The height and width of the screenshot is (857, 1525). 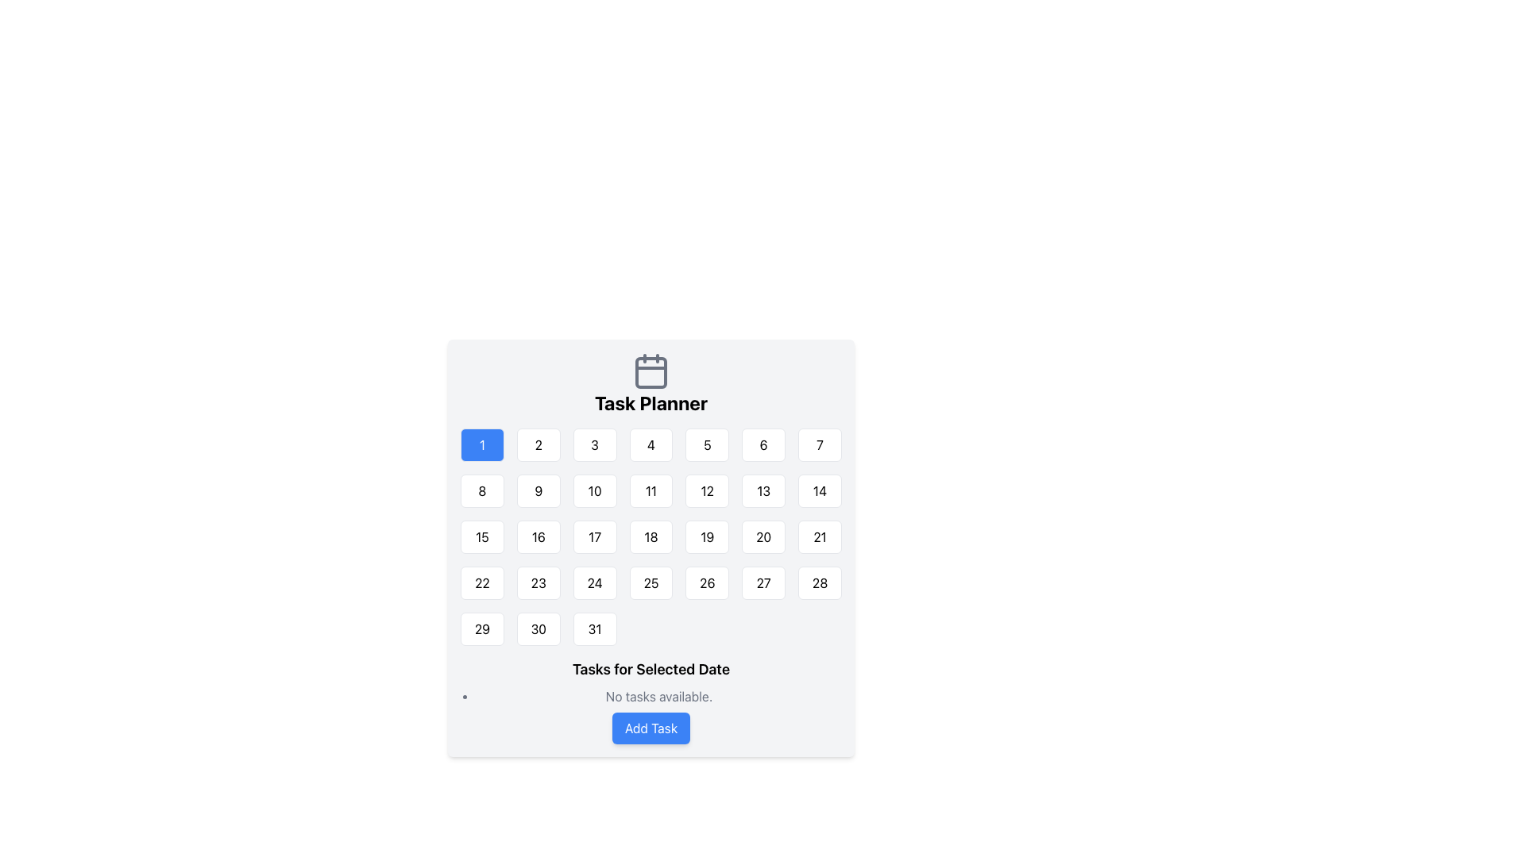 I want to click on the date selection button for '31' in the calendar interface, so click(x=594, y=628).